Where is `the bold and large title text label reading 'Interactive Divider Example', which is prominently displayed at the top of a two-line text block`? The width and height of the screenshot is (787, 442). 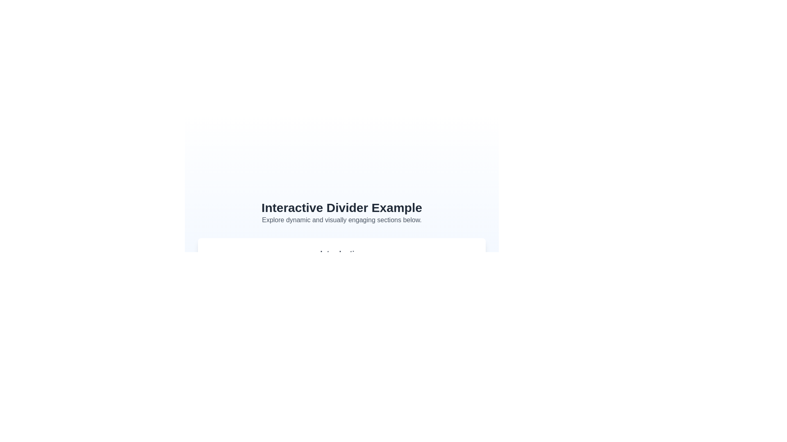 the bold and large title text label reading 'Interactive Divider Example', which is prominently displayed at the top of a two-line text block is located at coordinates (342, 207).